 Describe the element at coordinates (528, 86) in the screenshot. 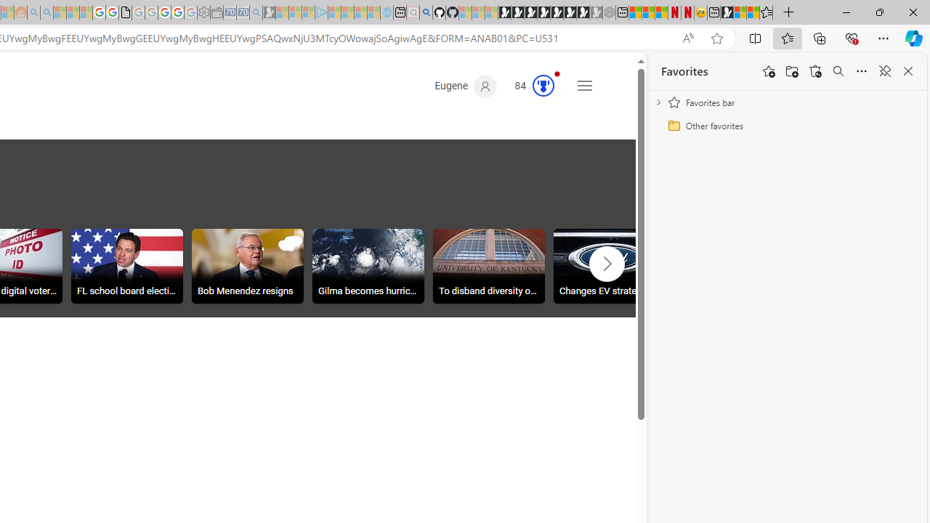

I see `'Microsoft Rewards 84'` at that location.